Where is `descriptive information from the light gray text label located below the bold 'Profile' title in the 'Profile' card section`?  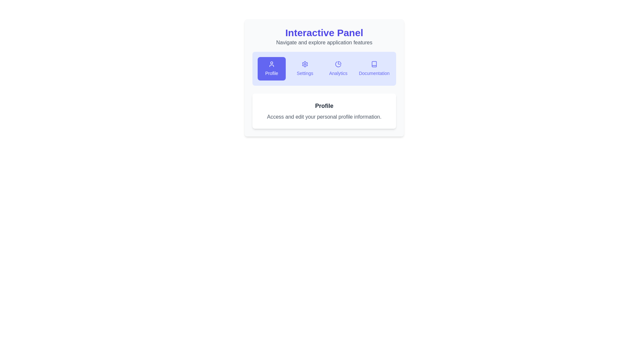
descriptive information from the light gray text label located below the bold 'Profile' title in the 'Profile' card section is located at coordinates (324, 116).